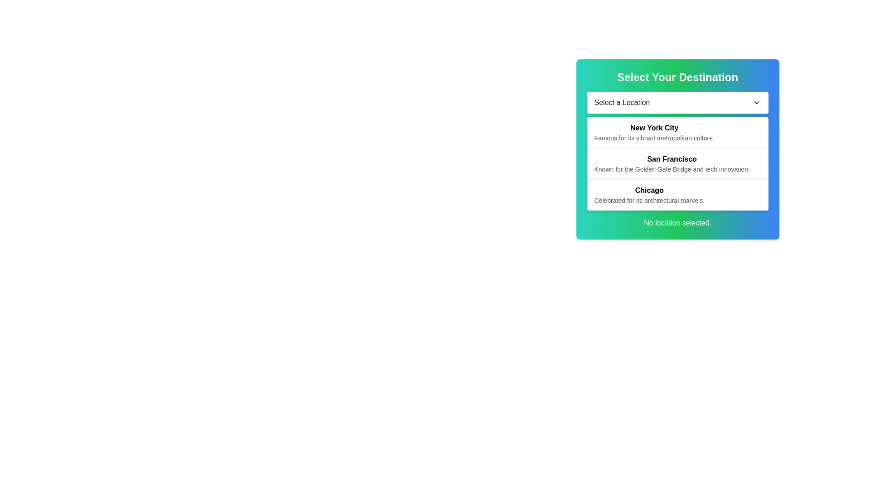 This screenshot has height=489, width=870. I want to click on descriptive text label about 'Chicago' located under the bolded text displaying 'Chicago' in the details section for destinations, so click(649, 200).